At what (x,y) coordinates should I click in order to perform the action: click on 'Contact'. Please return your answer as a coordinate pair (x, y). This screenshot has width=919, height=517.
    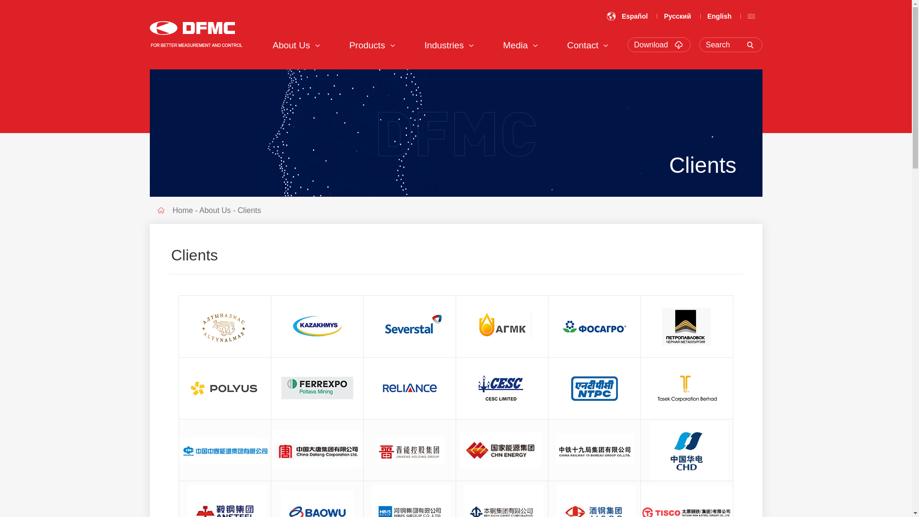
    Looking at the image, I should click on (567, 45).